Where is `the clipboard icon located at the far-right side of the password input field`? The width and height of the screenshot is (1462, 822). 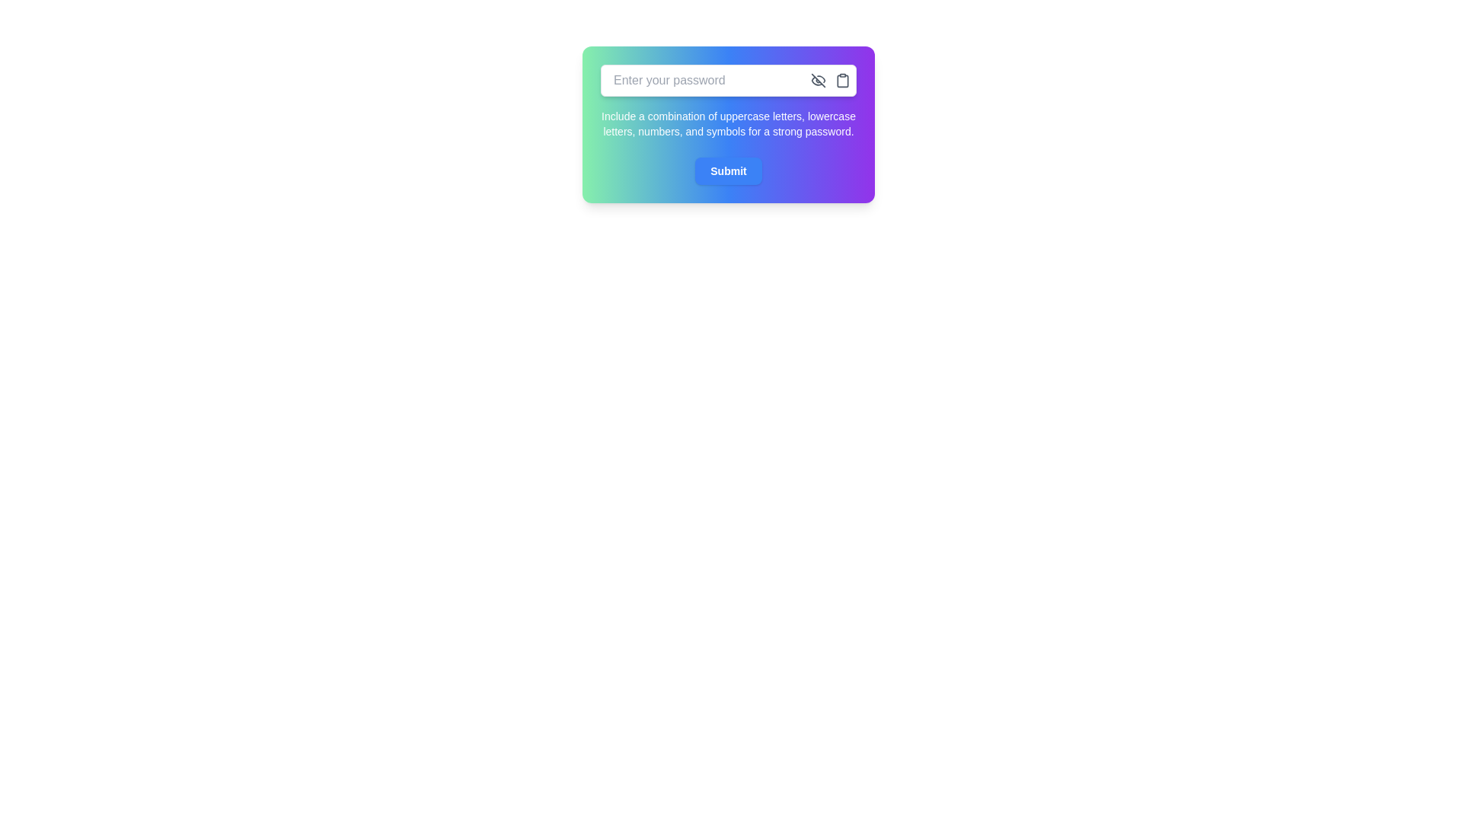 the clipboard icon located at the far-right side of the password input field is located at coordinates (842, 80).